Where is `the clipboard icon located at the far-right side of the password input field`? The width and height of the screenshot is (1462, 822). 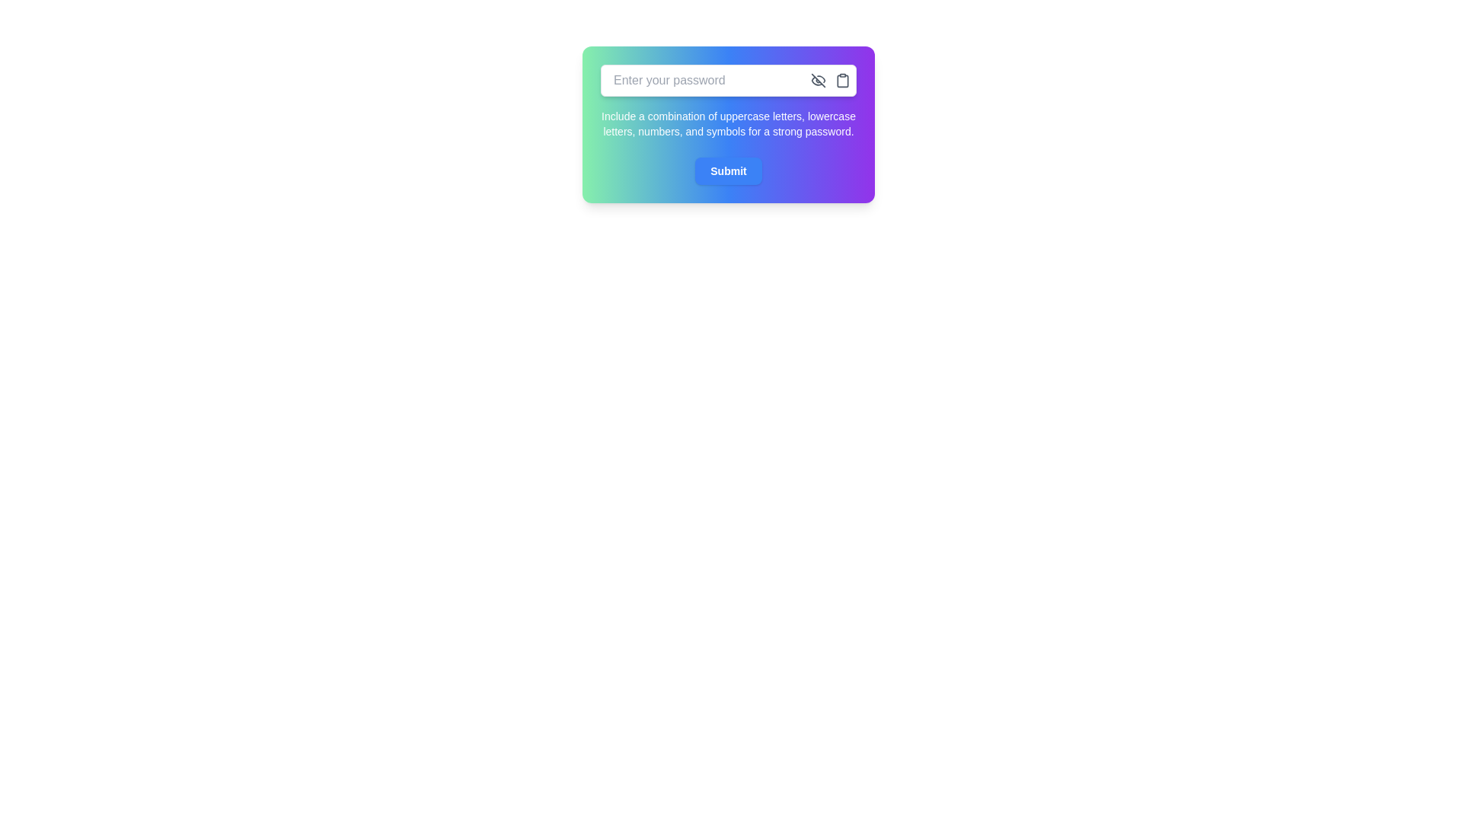 the clipboard icon located at the far-right side of the password input field is located at coordinates (842, 80).